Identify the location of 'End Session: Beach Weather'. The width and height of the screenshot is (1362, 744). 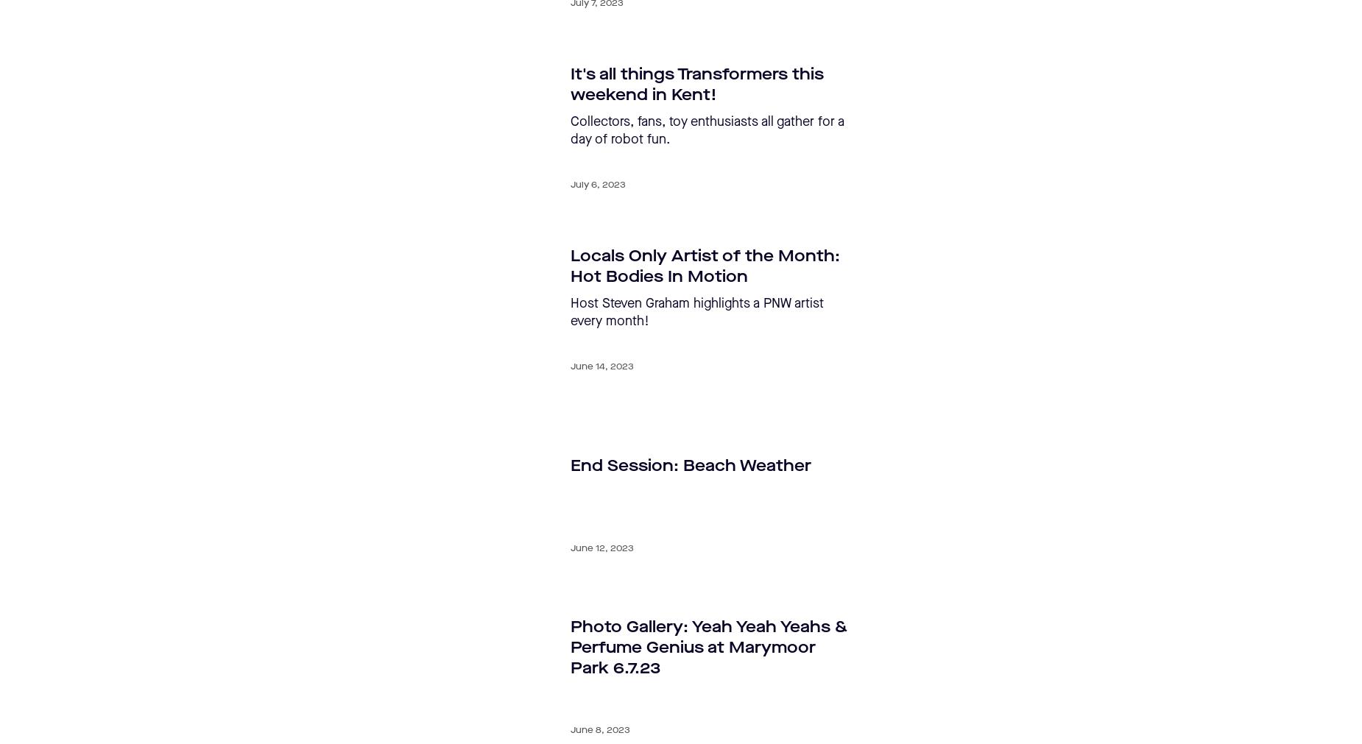
(570, 465).